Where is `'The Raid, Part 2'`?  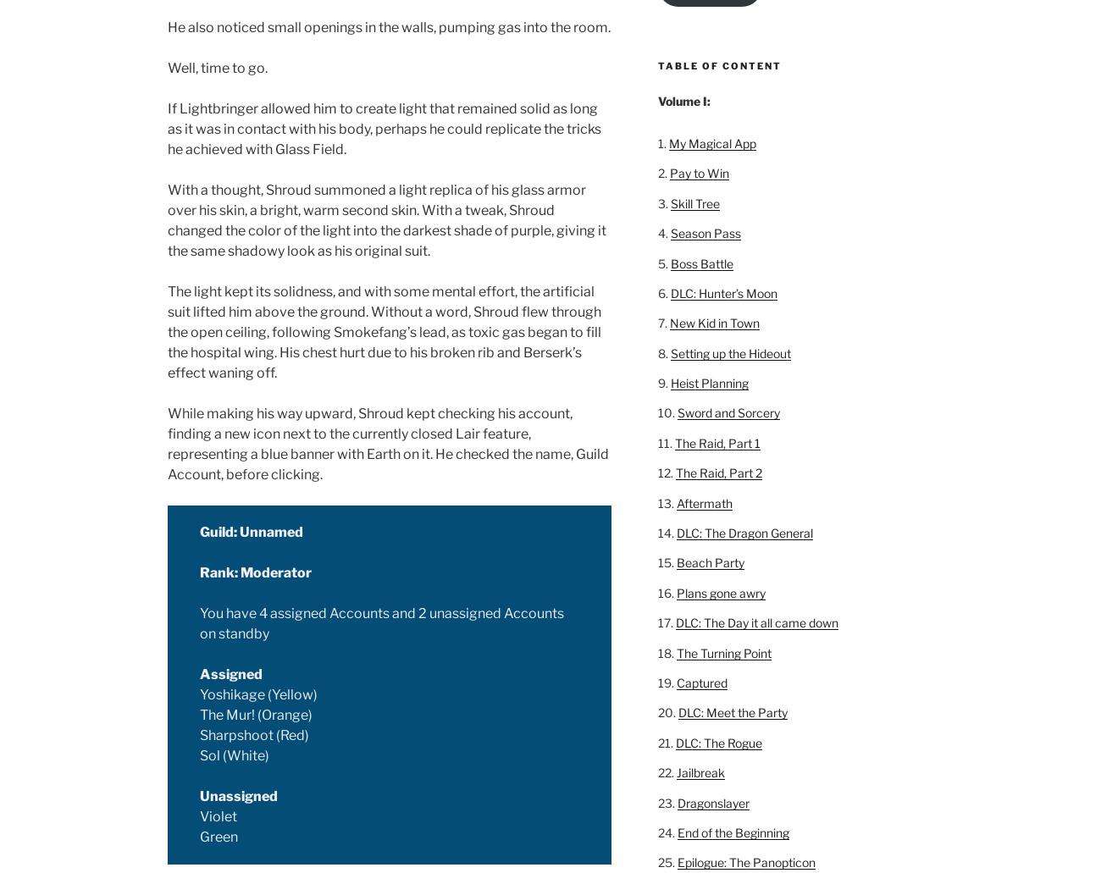 'The Raid, Part 2' is located at coordinates (717, 472).